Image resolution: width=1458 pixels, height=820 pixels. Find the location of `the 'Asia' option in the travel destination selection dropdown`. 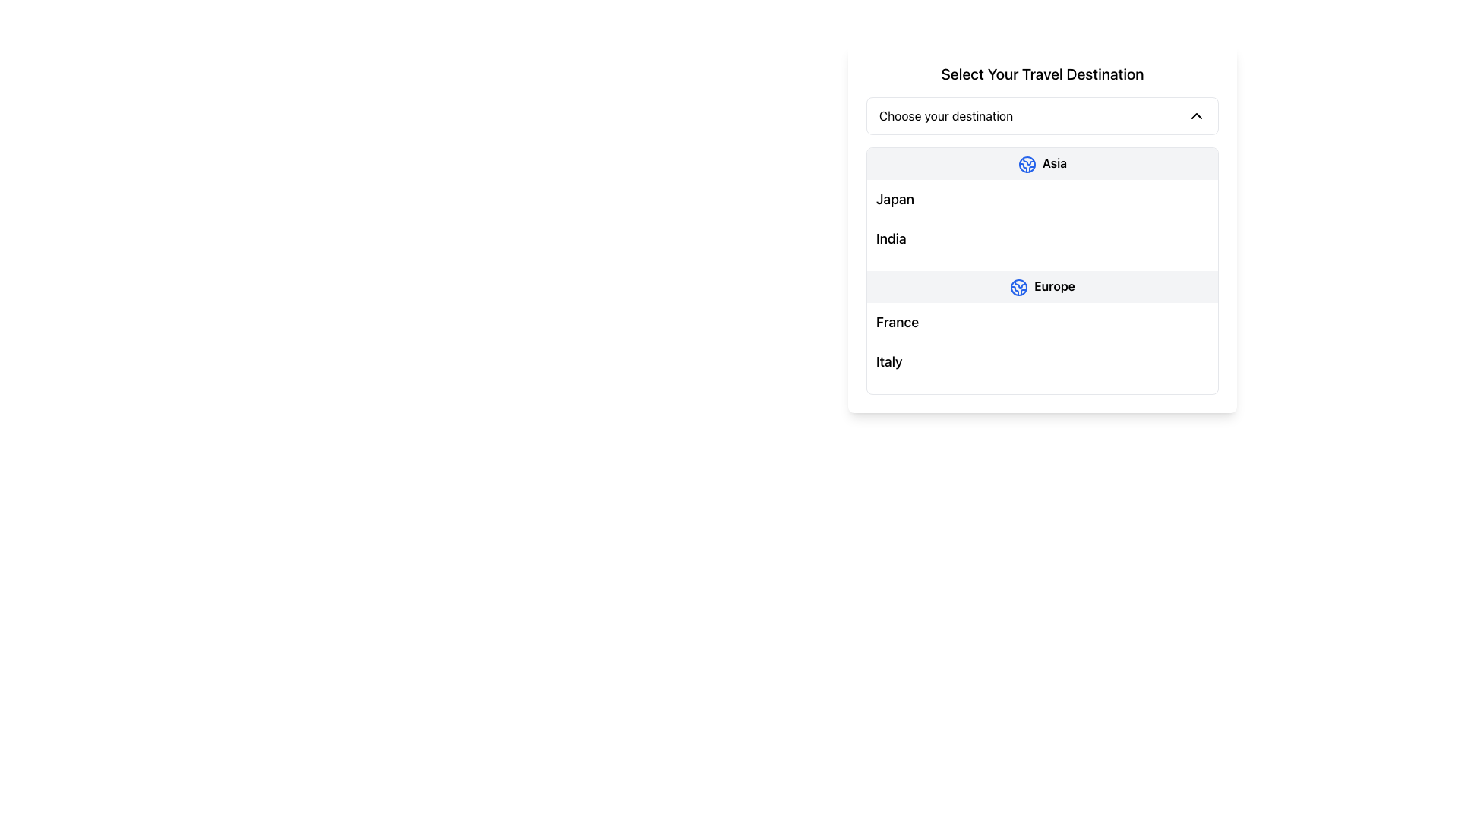

the 'Asia' option in the travel destination selection dropdown is located at coordinates (1041, 163).